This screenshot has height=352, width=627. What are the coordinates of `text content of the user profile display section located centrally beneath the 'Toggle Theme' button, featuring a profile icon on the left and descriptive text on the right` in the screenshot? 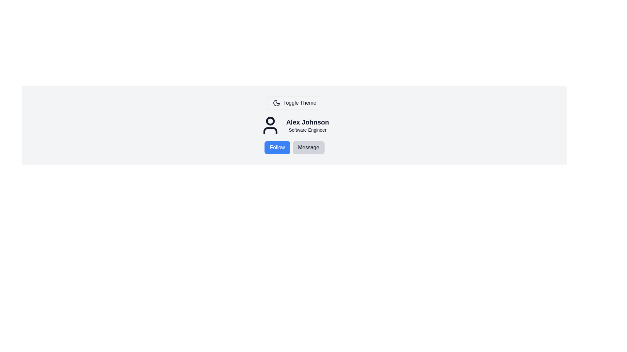 It's located at (294, 125).